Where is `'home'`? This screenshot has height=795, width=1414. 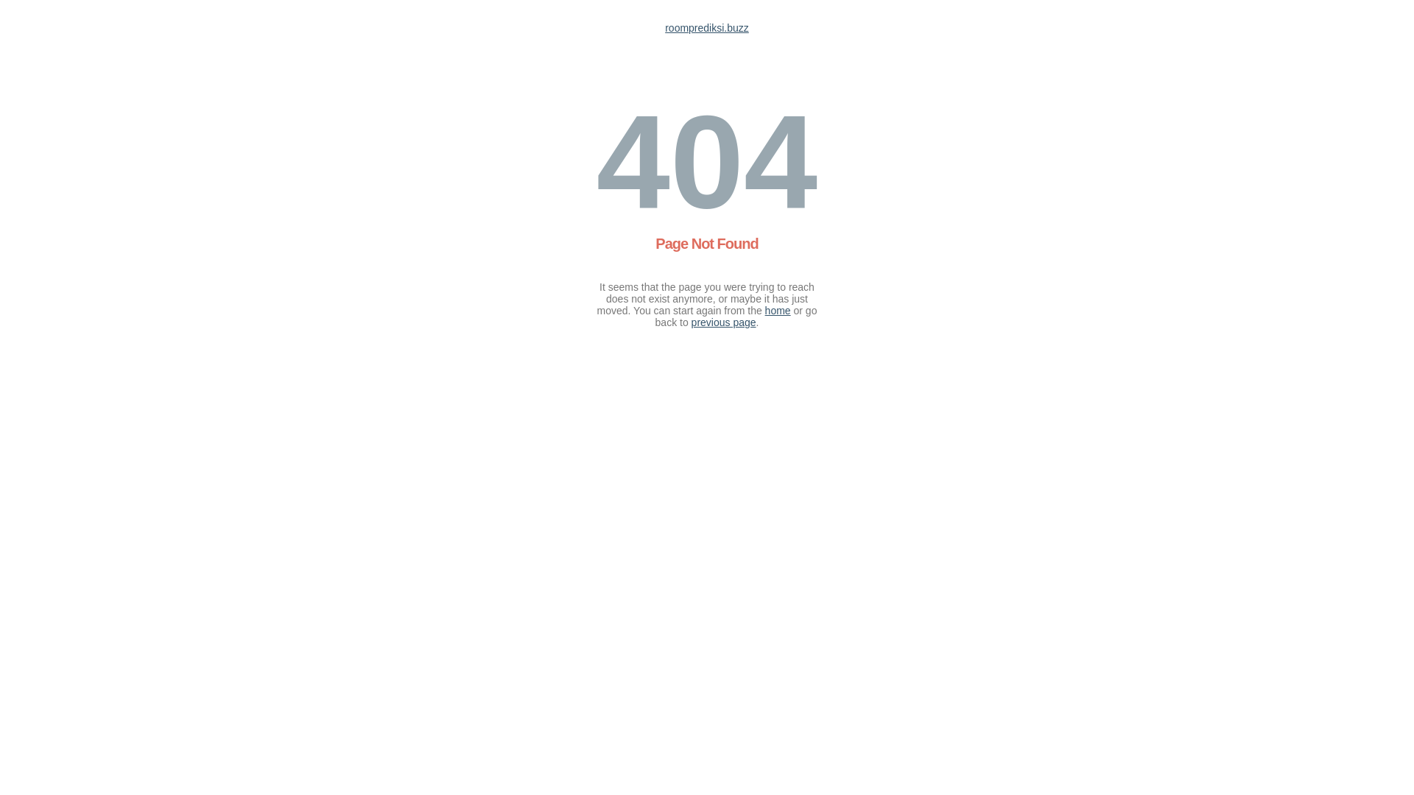 'home' is located at coordinates (764, 309).